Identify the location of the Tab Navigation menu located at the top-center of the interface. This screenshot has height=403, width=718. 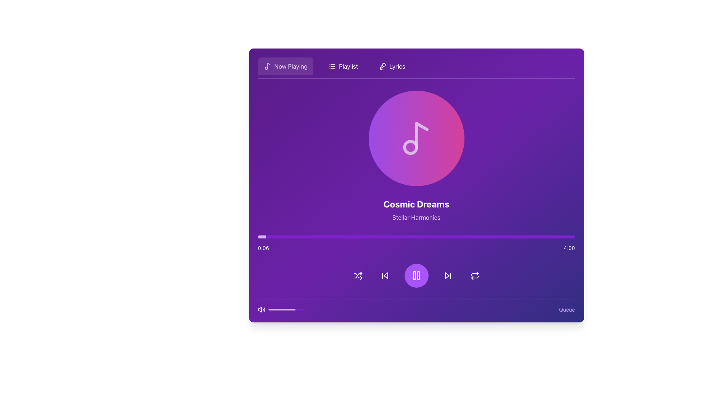
(416, 68).